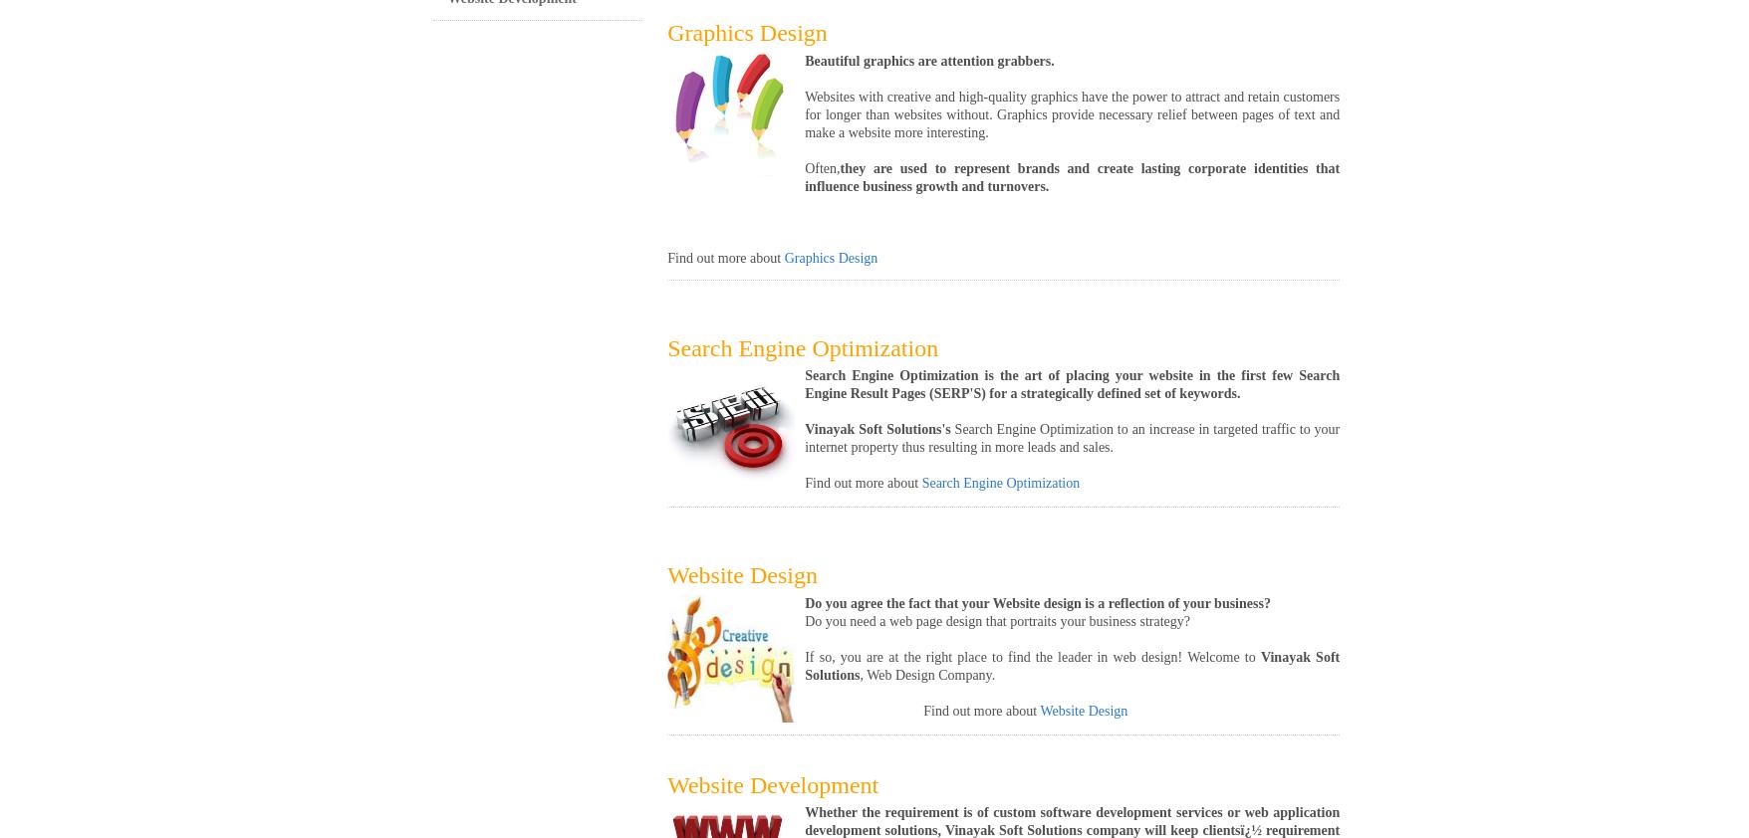 The width and height of the screenshot is (1749, 838). Describe the element at coordinates (878, 428) in the screenshot. I see `'Vinayak Soft Solutions's'` at that location.